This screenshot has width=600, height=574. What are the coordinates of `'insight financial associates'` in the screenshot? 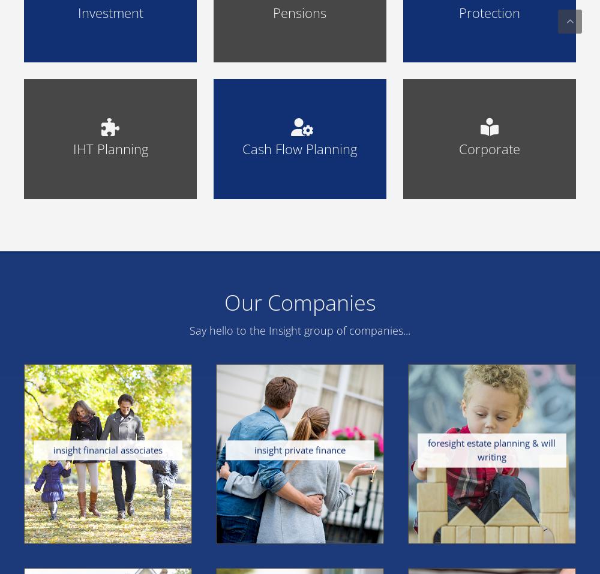 It's located at (107, 450).